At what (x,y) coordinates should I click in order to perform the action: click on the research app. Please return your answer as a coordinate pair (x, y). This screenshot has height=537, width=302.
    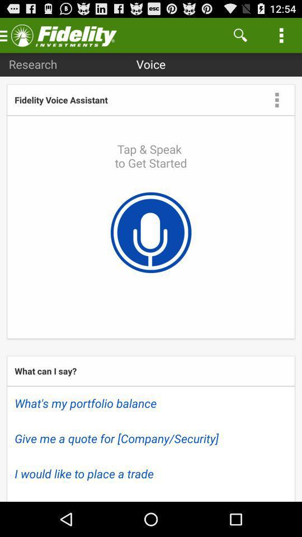
    Looking at the image, I should click on (33, 64).